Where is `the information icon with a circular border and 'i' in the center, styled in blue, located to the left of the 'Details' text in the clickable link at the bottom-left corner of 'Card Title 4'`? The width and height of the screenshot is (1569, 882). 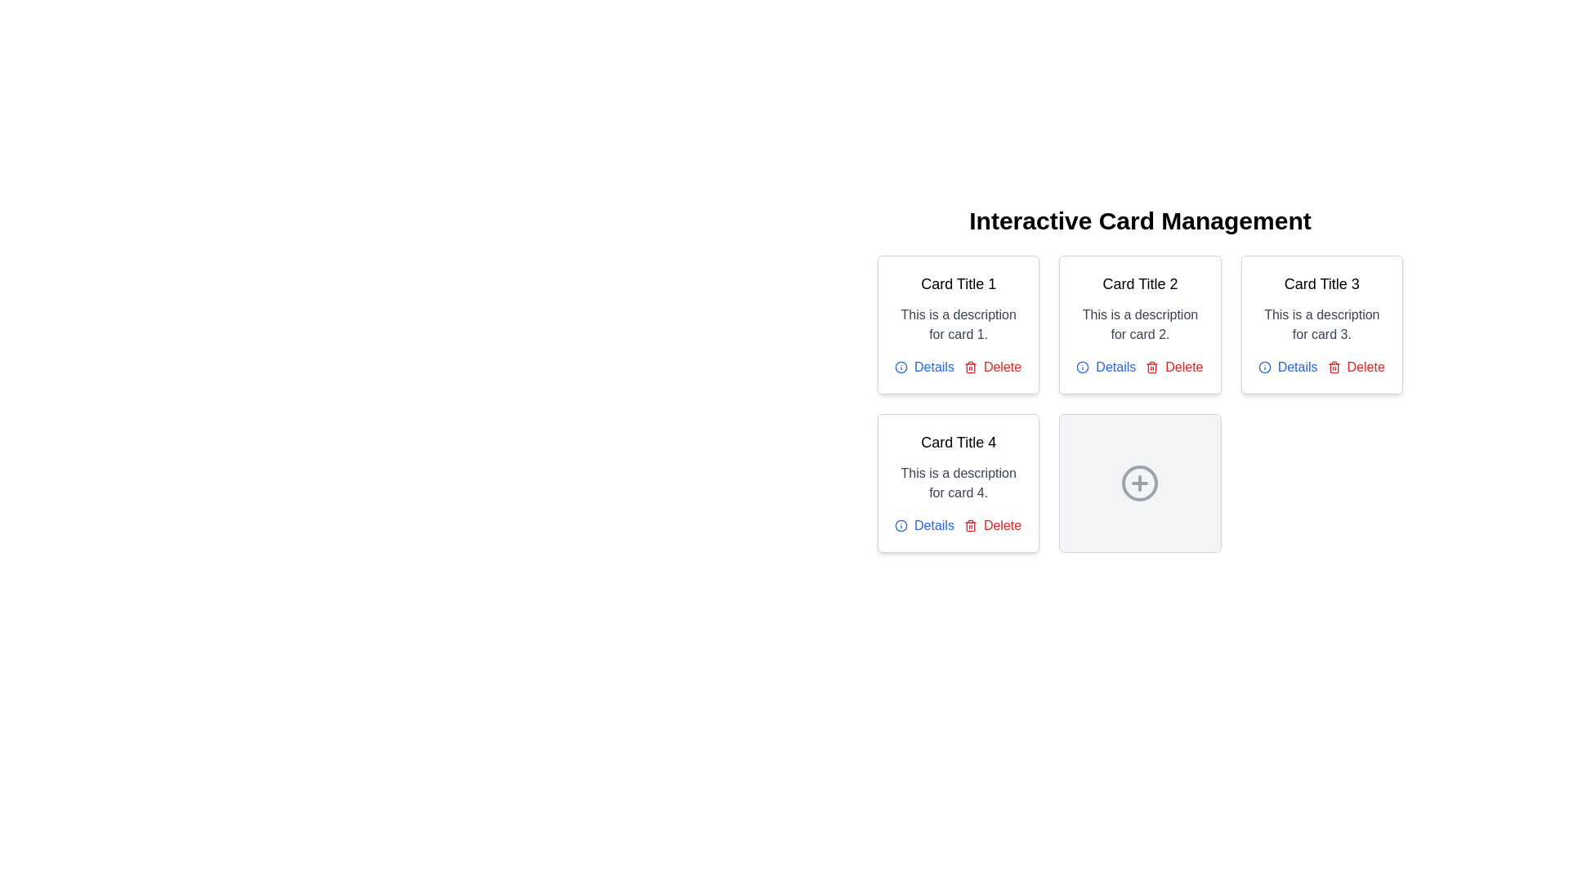 the information icon with a circular border and 'i' in the center, styled in blue, located to the left of the 'Details' text in the clickable link at the bottom-left corner of 'Card Title 4' is located at coordinates (1083, 367).